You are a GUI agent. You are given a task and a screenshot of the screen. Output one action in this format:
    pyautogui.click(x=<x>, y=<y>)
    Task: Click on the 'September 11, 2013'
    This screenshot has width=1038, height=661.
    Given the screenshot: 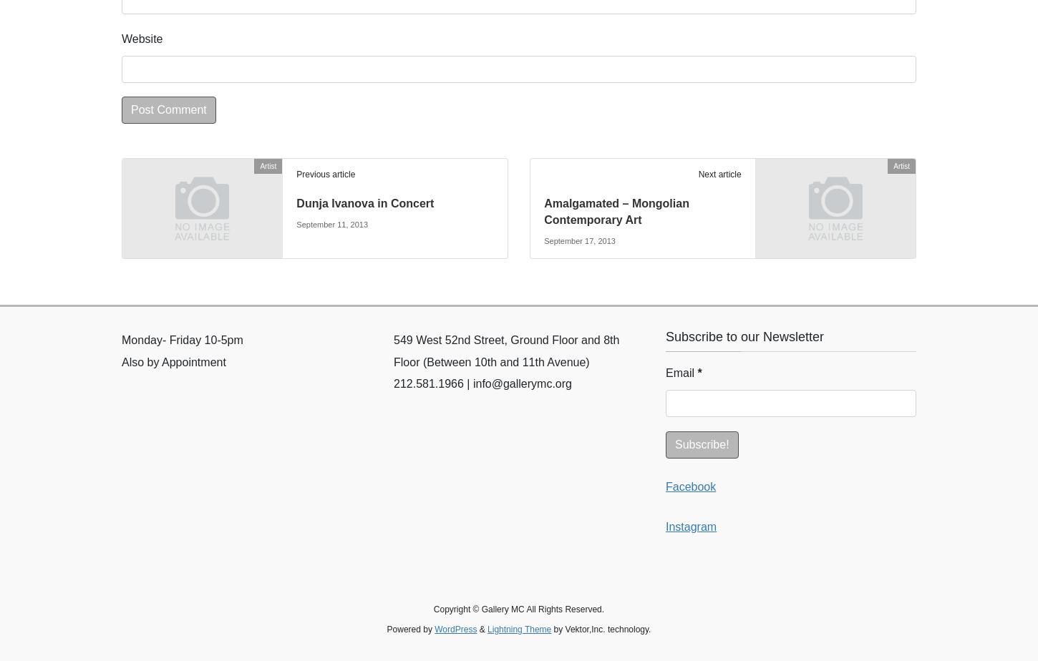 What is the action you would take?
    pyautogui.click(x=331, y=224)
    